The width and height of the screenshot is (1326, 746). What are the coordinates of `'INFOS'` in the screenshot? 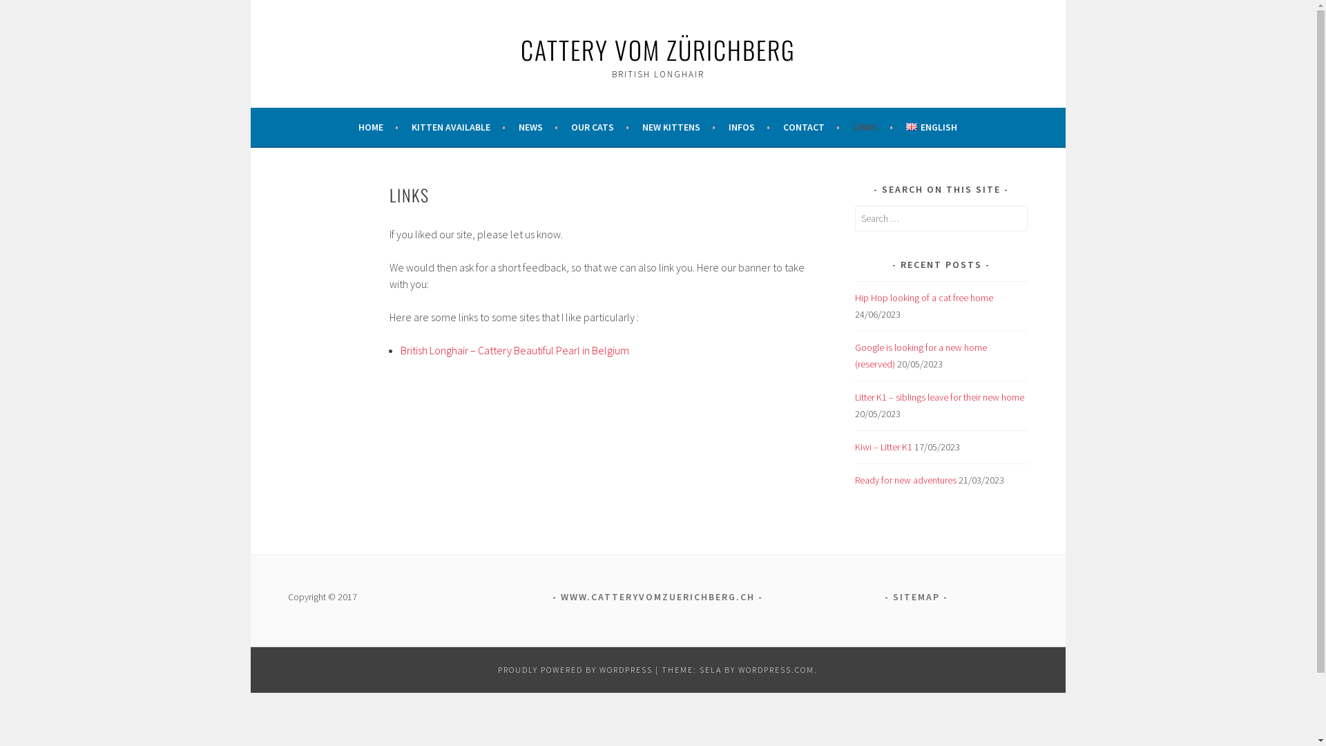 It's located at (748, 127).